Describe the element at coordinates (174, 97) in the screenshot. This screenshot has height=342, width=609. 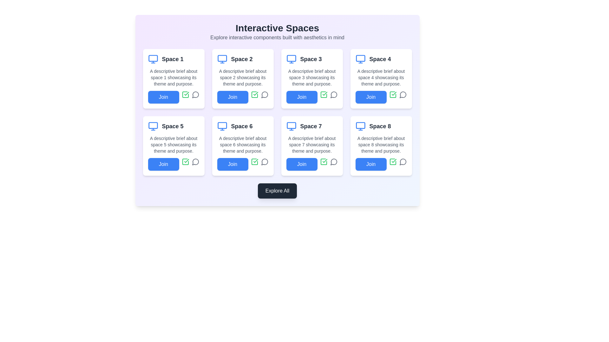
I see `the blue 'Join' button located at the bottom center of the 'Space 1' card in the interactive component group` at that location.